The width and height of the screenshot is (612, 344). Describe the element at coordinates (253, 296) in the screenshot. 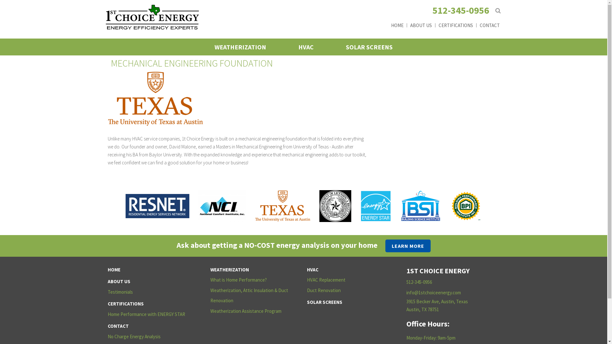

I see `'Weatherization, Attic Insulation & Duct Renovation'` at that location.